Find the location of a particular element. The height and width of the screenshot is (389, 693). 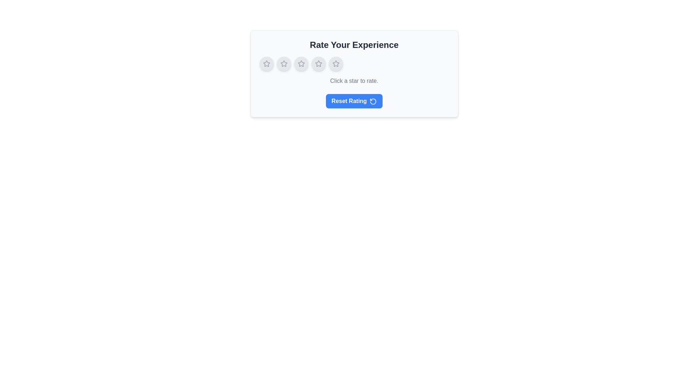

the first star-shaped icon in the rating selection mechanism, which represents the lowest level of the rating scale is located at coordinates (266, 63).